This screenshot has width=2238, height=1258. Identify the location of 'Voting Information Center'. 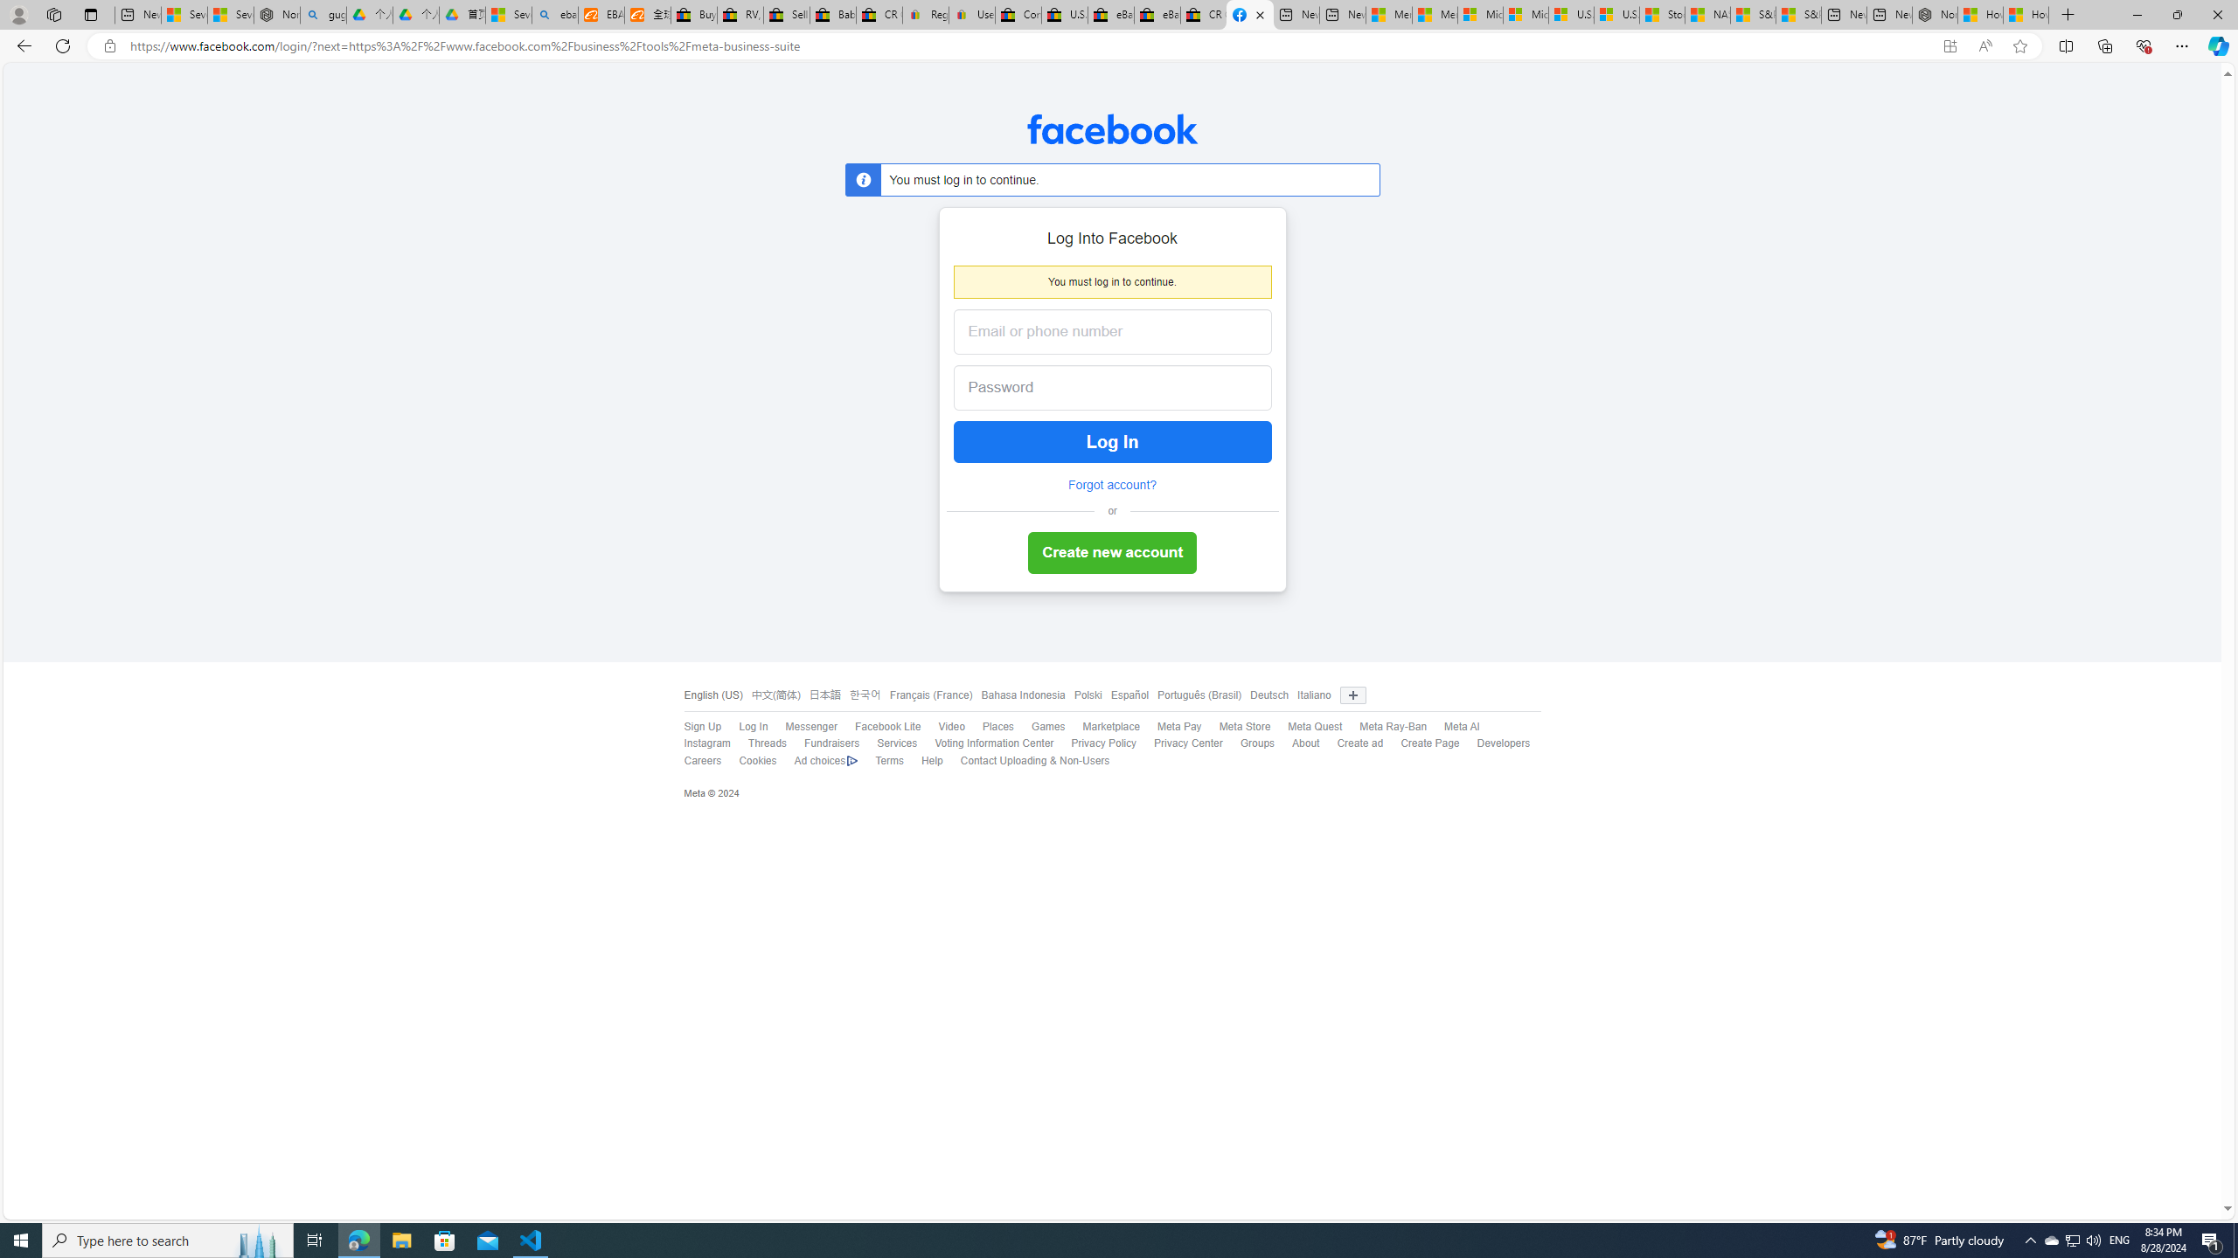
(994, 743).